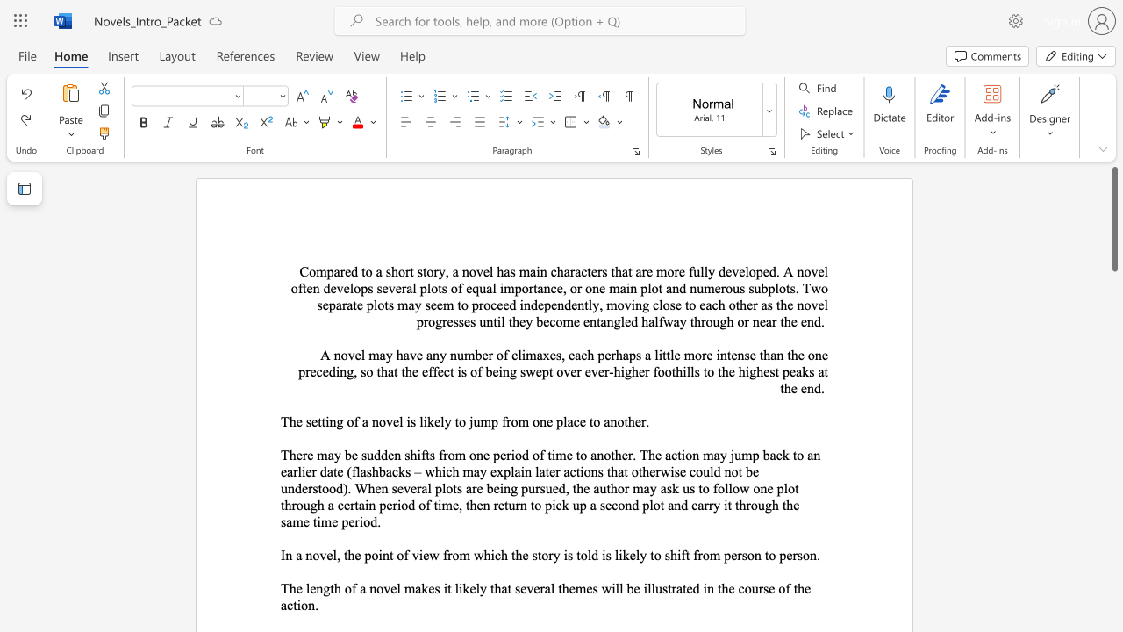  I want to click on the scrollbar to slide the page down, so click(1113, 384).